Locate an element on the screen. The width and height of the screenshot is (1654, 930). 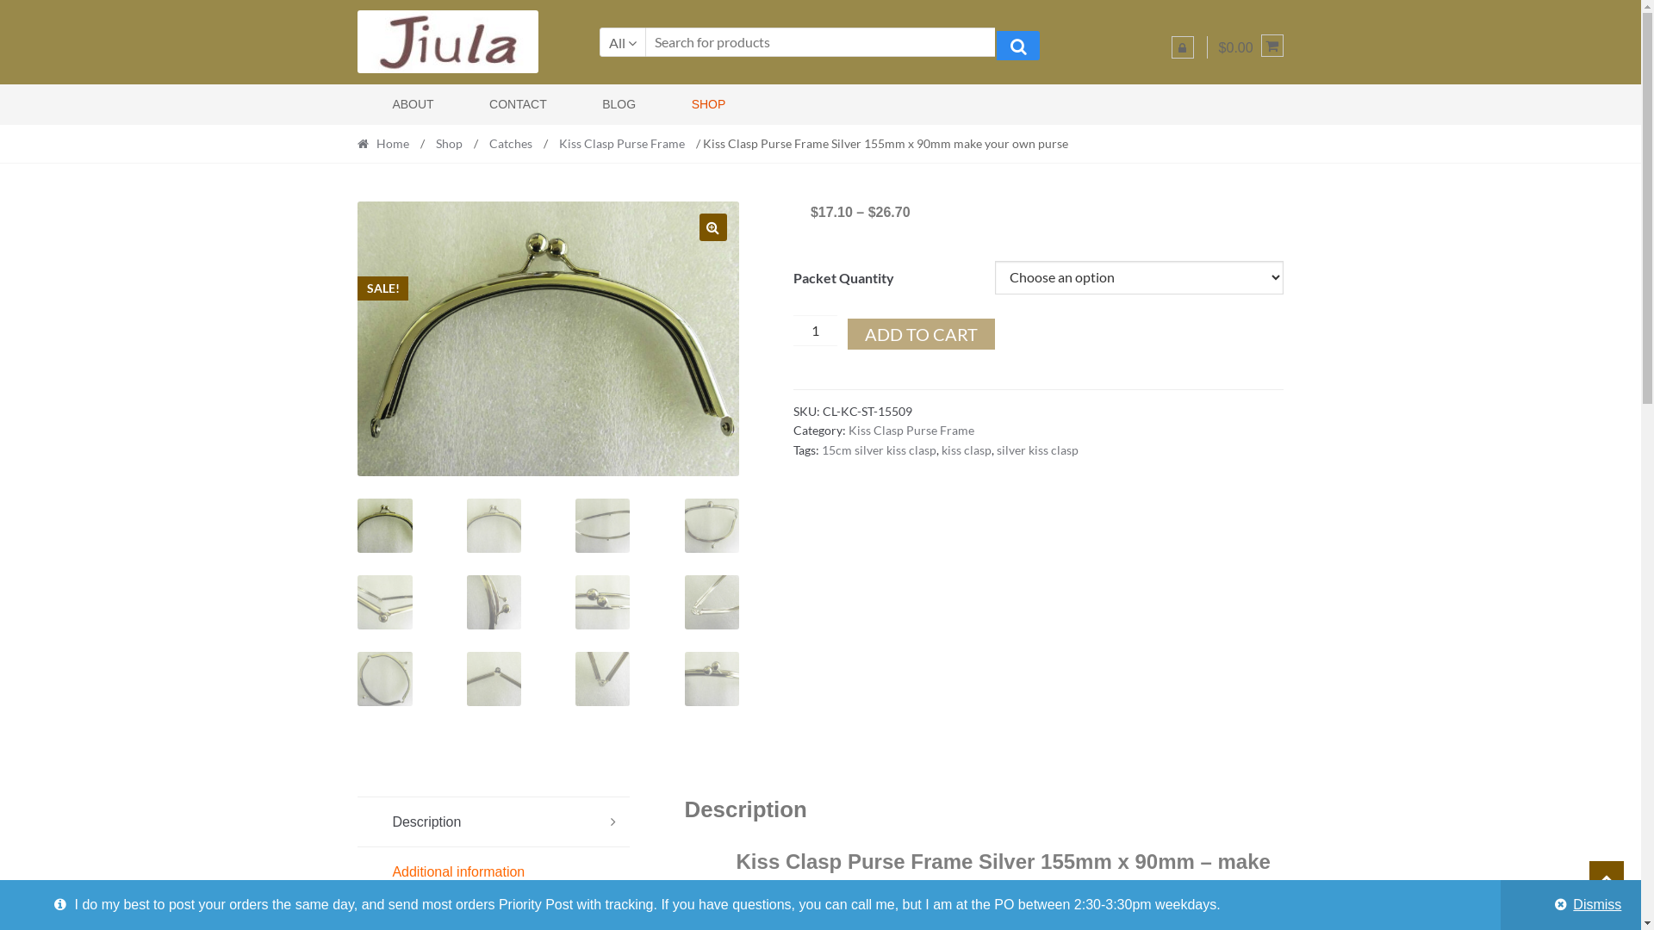
'Additional information' is located at coordinates (492, 872).